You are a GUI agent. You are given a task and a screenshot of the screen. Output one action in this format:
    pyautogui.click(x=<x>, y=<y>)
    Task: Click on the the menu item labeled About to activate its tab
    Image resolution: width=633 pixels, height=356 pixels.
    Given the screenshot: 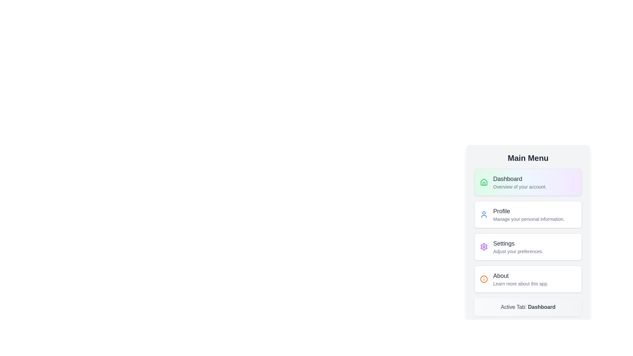 What is the action you would take?
    pyautogui.click(x=528, y=279)
    